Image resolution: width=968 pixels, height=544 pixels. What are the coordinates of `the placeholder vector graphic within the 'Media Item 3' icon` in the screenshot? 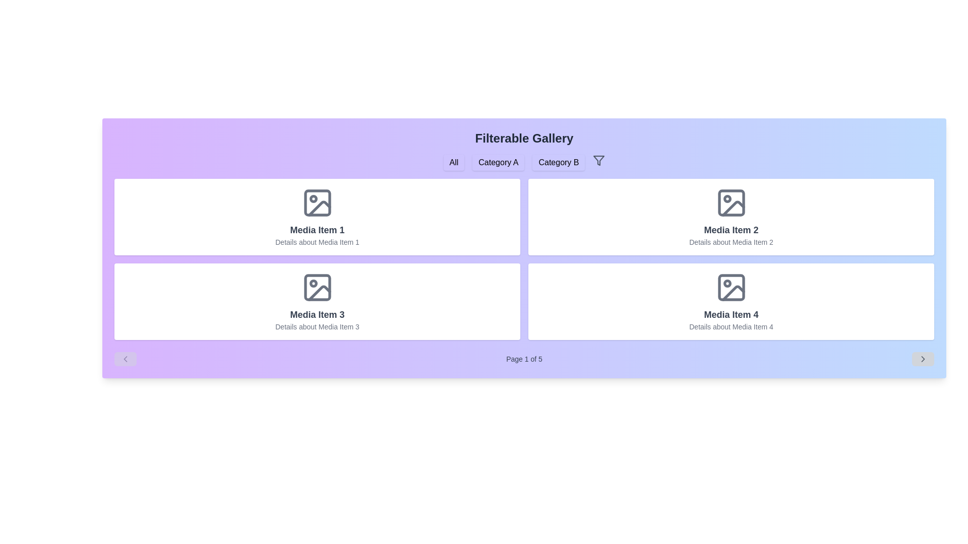 It's located at (319, 293).